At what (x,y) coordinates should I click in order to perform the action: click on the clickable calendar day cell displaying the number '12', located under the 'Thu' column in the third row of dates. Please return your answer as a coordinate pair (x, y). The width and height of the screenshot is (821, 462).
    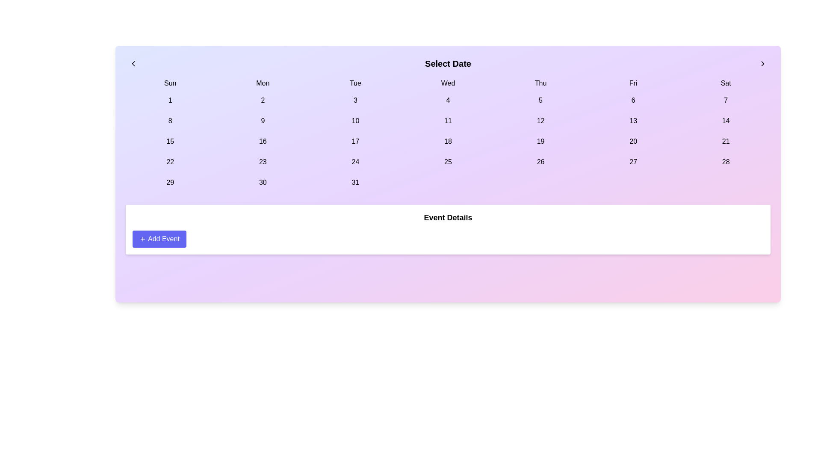
    Looking at the image, I should click on (540, 121).